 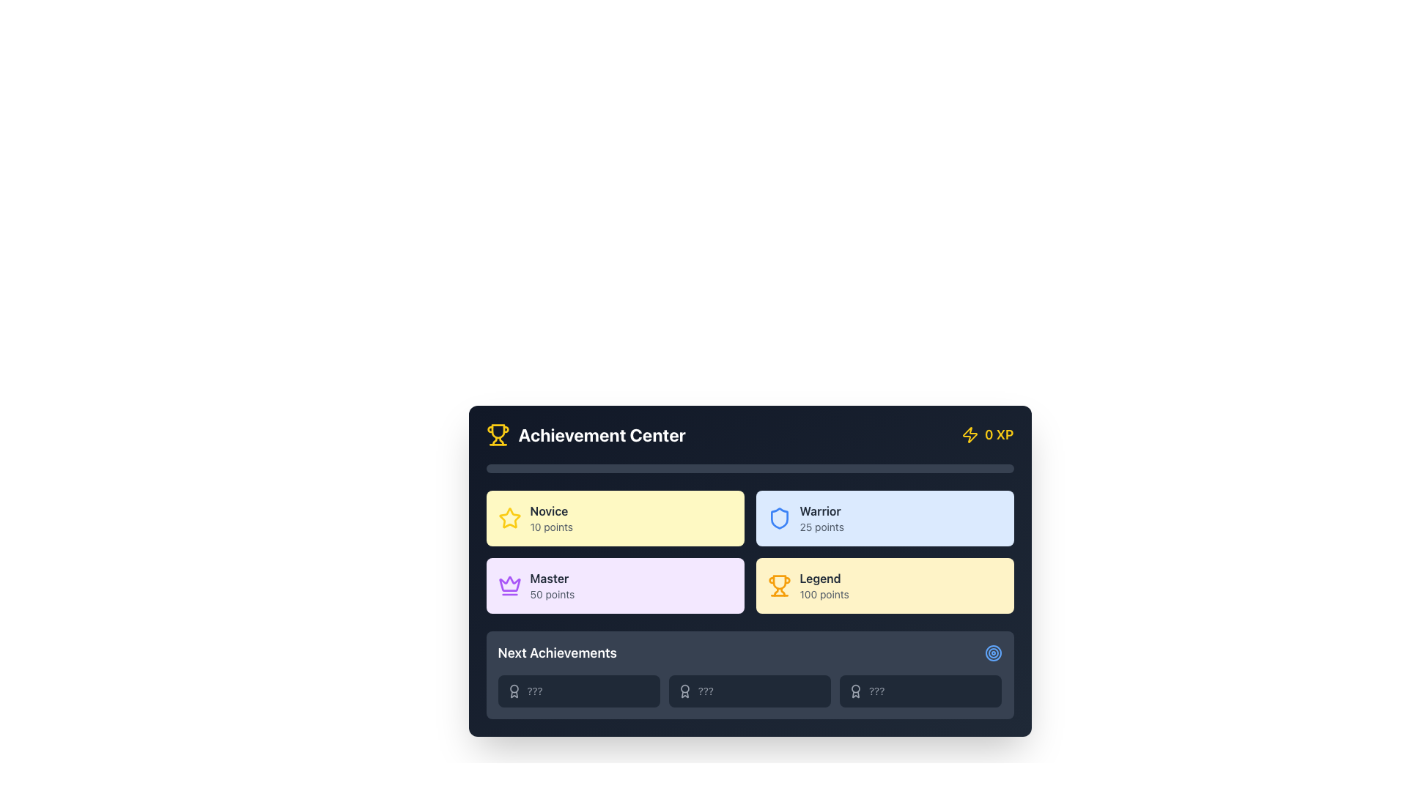 What do you see at coordinates (750, 469) in the screenshot?
I see `the Progress bar that visually represents user progress in the Achievement Center, located centrally below the header and above the achievement levels grid` at bounding box center [750, 469].